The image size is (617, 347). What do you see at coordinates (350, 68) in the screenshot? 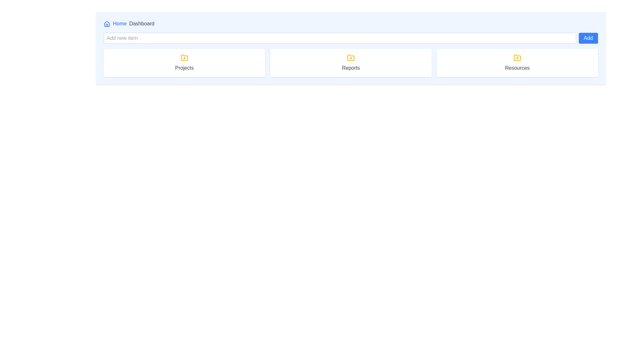
I see `the Text label located beneath the yellow folder icon in the middle card among three horizontally aligned cards` at bounding box center [350, 68].